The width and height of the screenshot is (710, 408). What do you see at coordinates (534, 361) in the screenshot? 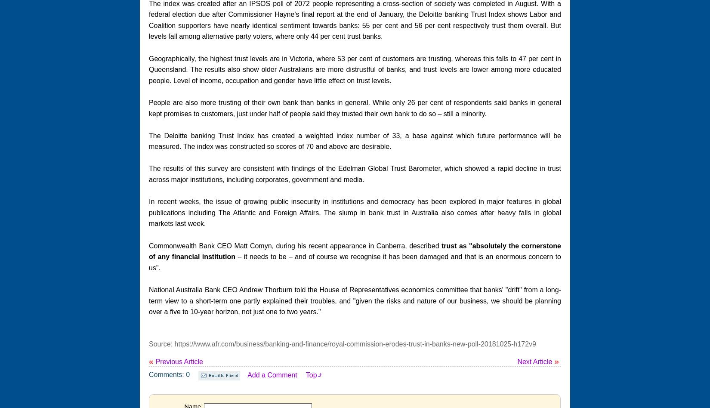
I see `'Next Article'` at bounding box center [534, 361].